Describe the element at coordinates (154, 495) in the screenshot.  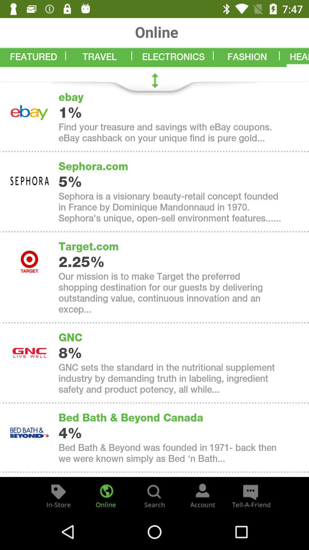
I see `the search icon` at that location.